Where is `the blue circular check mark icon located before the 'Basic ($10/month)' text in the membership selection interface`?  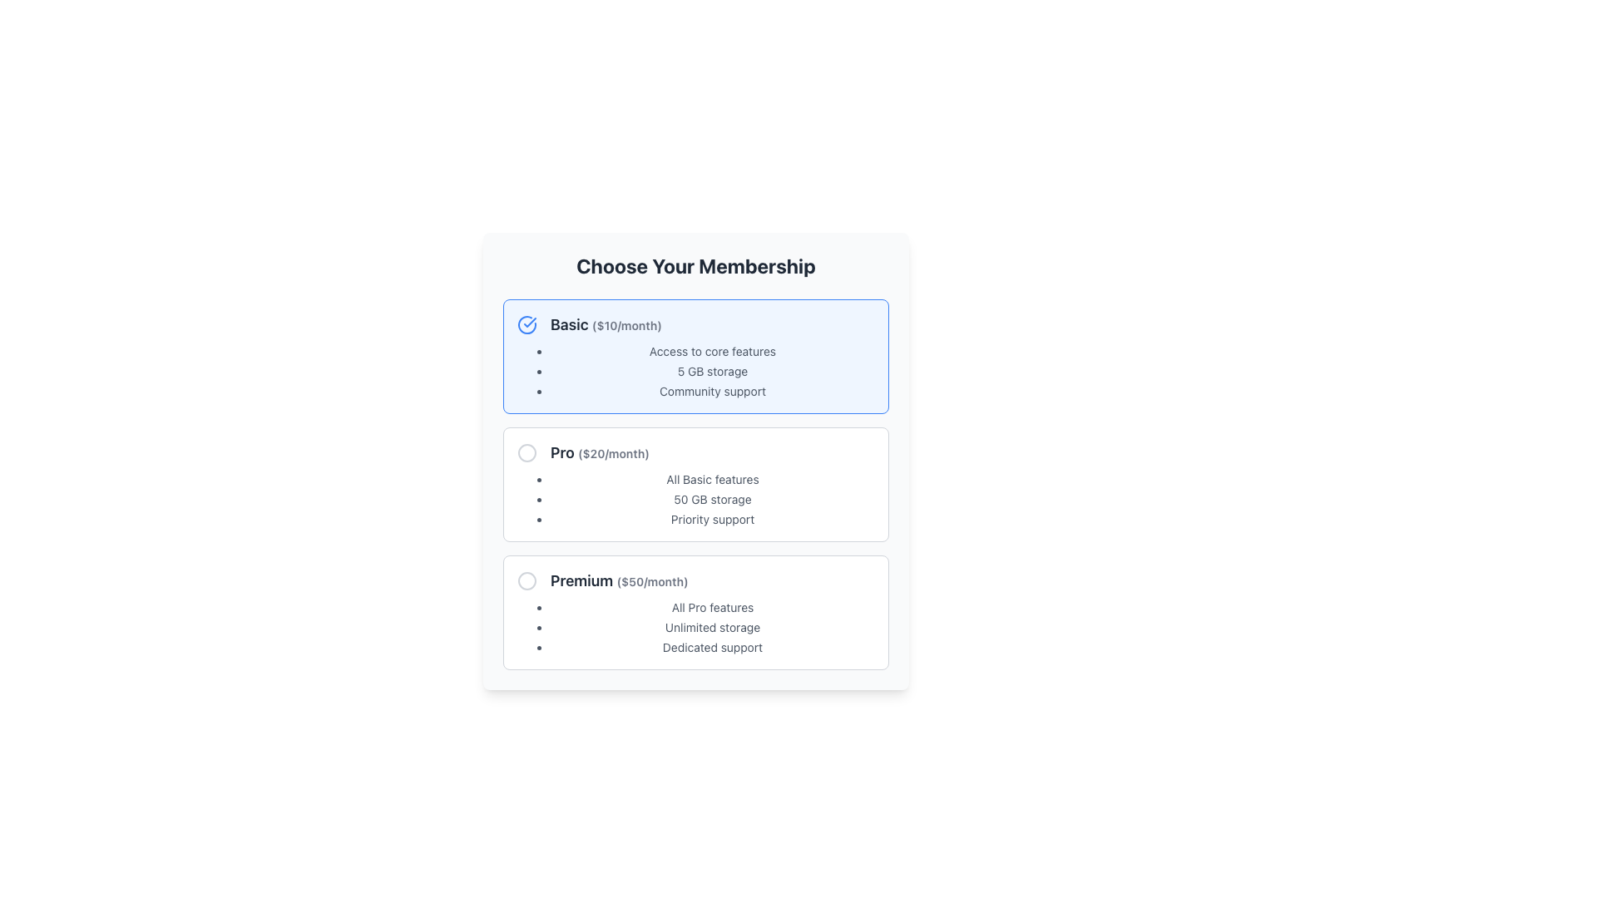 the blue circular check mark icon located before the 'Basic ($10/month)' text in the membership selection interface is located at coordinates (526, 324).